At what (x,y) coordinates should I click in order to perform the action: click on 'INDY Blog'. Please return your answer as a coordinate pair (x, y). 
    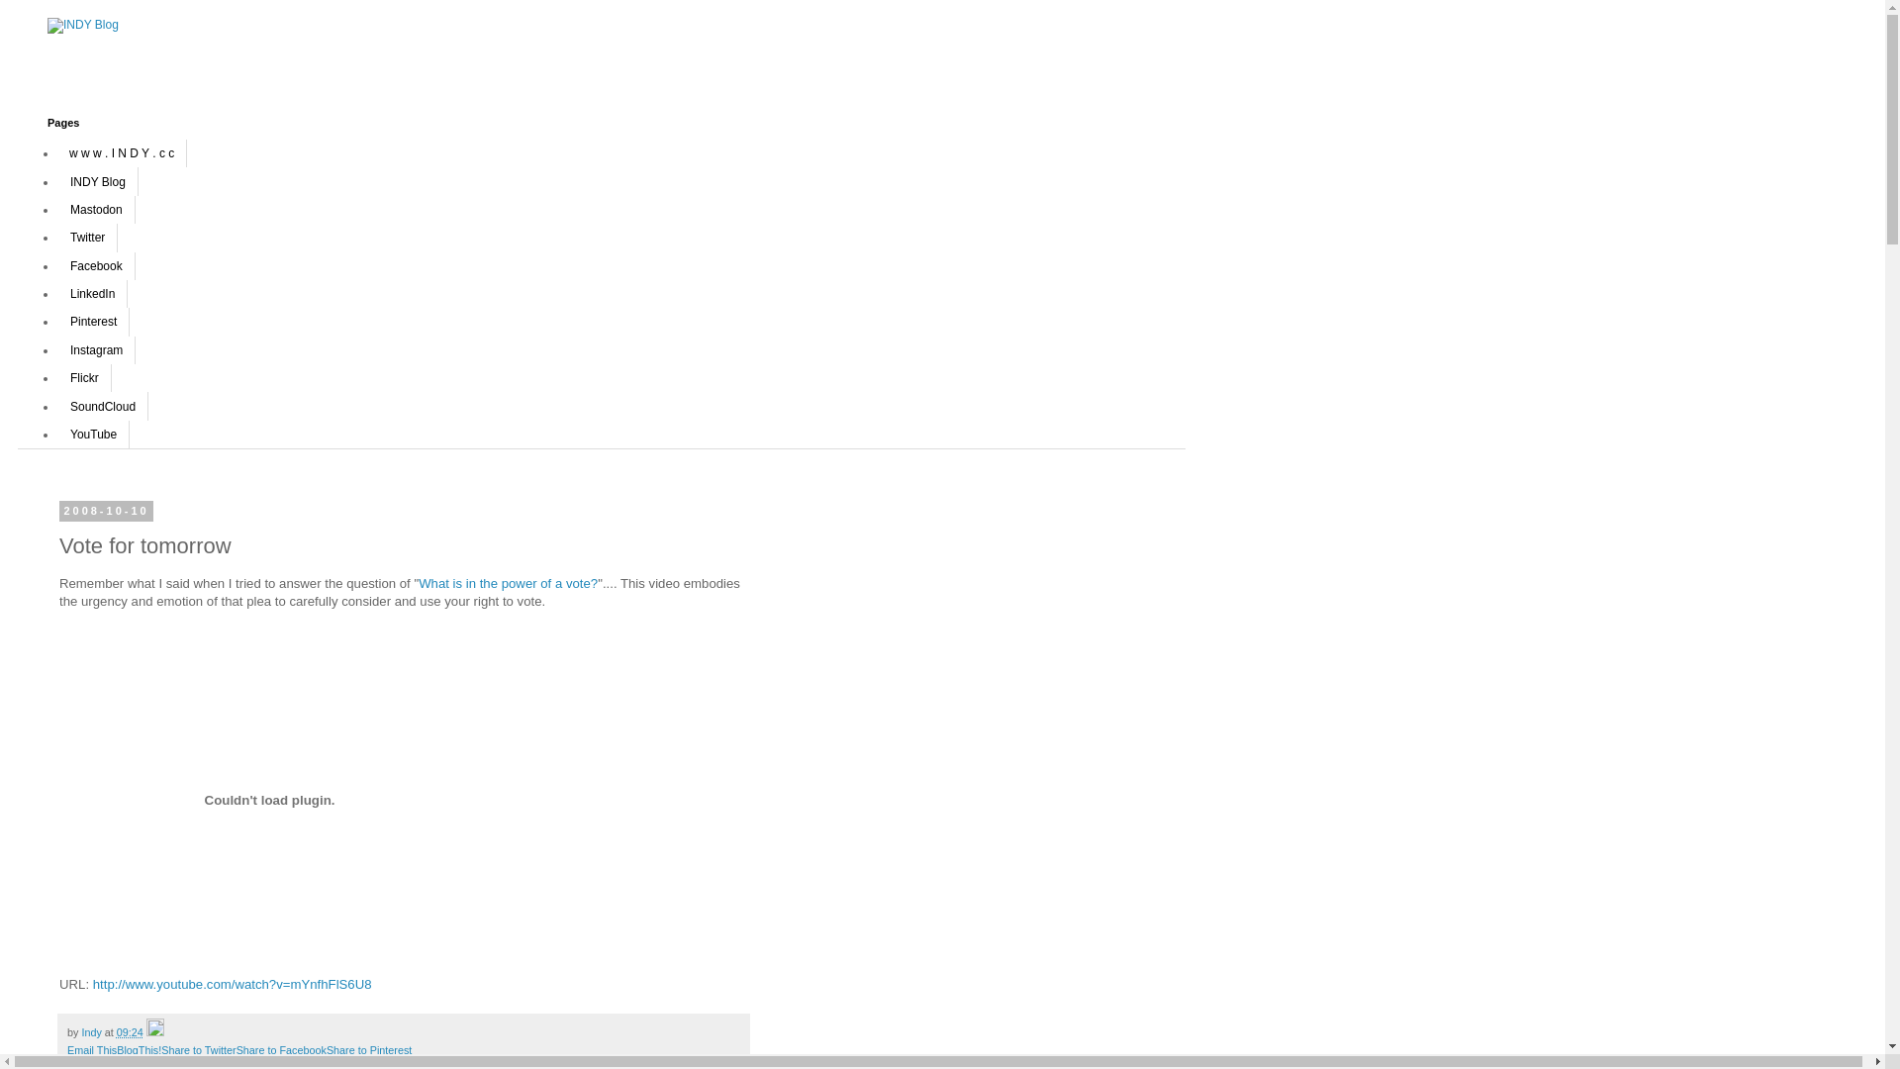
    Looking at the image, I should click on (56, 180).